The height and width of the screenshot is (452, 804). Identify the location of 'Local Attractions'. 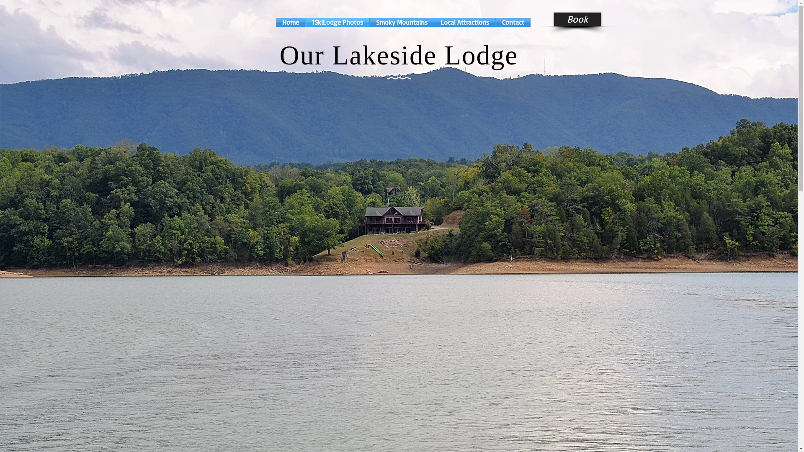
(464, 22).